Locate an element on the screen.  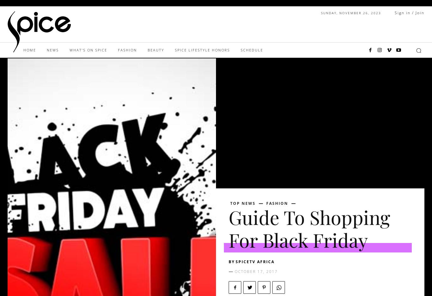
'Sunday, November 26, 2023' is located at coordinates (351, 12).